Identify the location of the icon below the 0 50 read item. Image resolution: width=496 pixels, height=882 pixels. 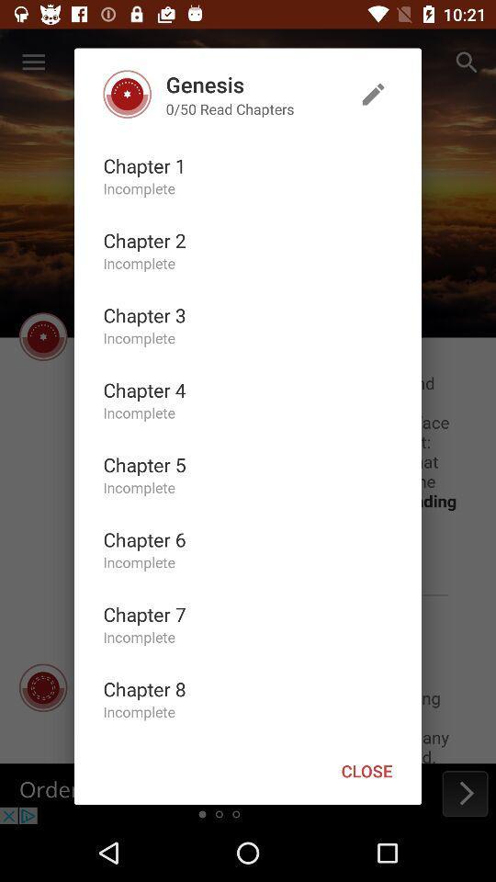
(143, 164).